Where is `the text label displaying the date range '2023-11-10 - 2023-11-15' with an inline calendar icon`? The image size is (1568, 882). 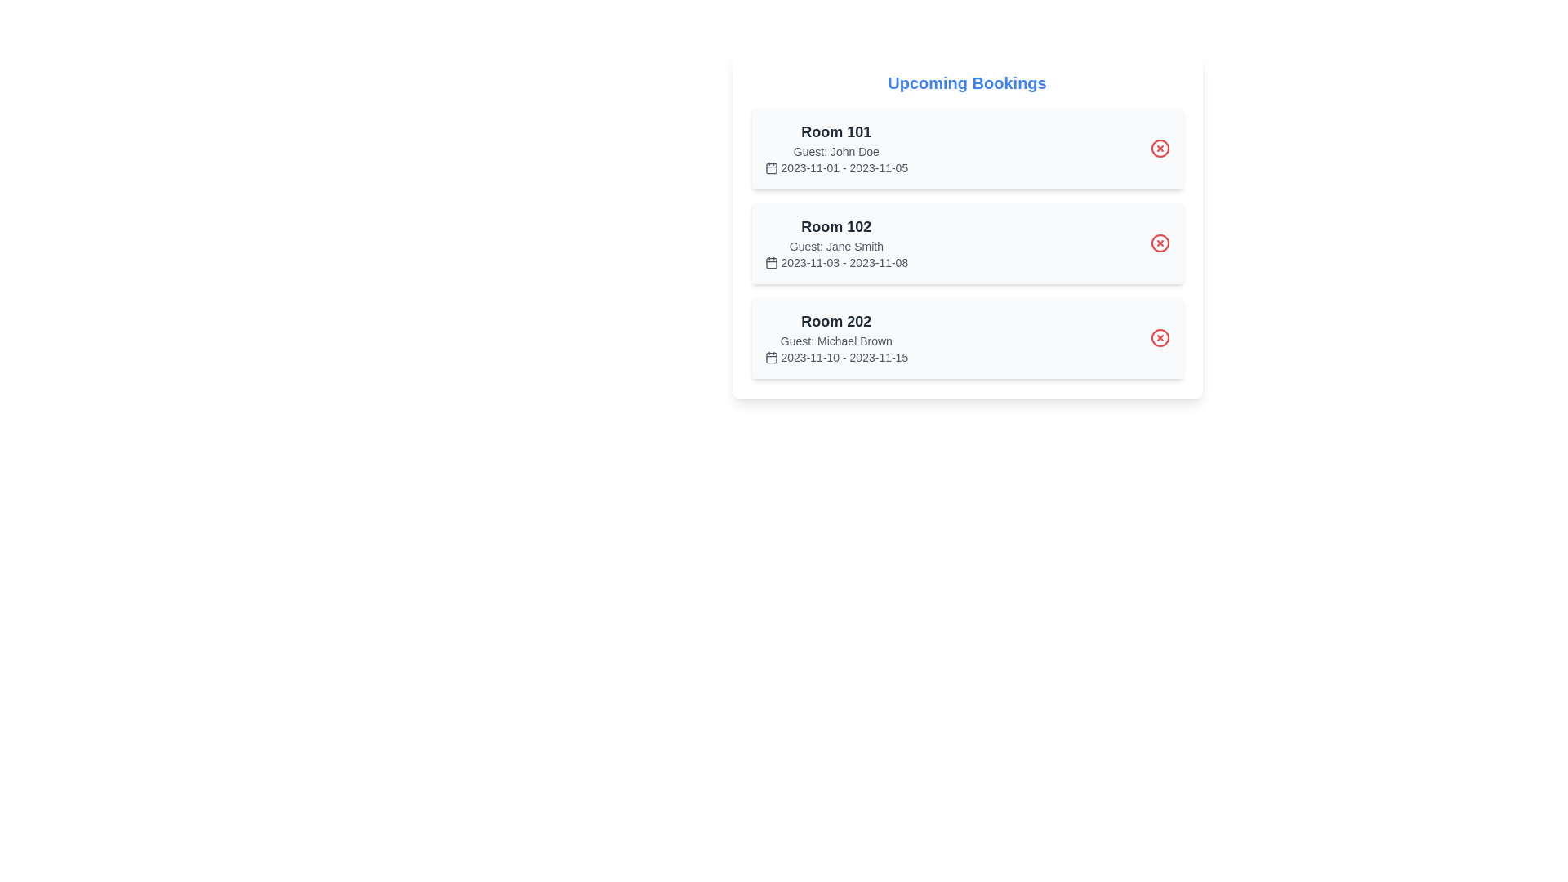 the text label displaying the date range '2023-11-10 - 2023-11-15' with an inline calendar icon is located at coordinates (836, 357).